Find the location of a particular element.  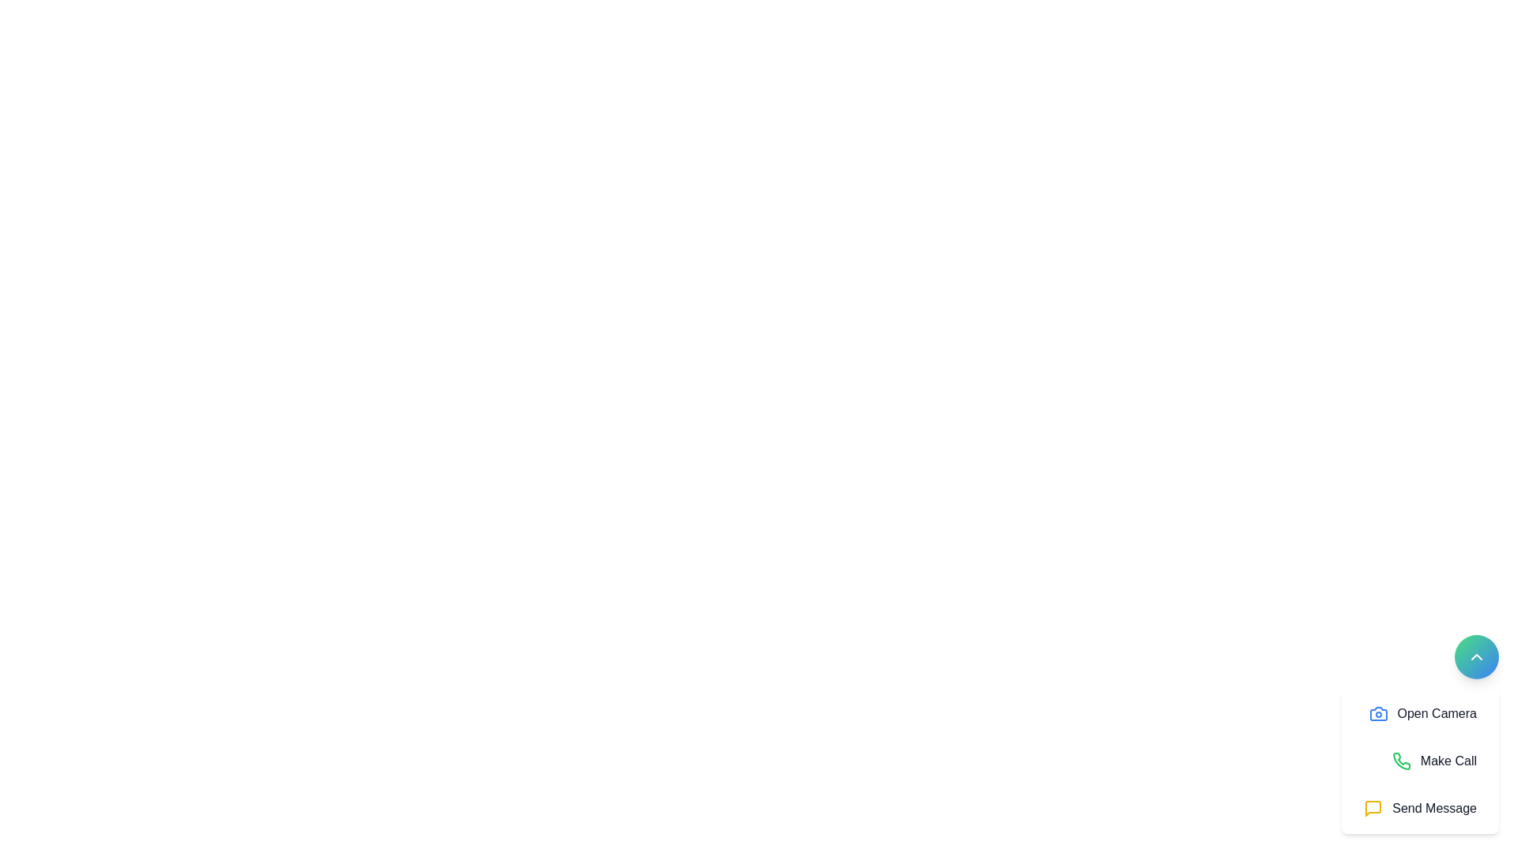

the yellow message bubble icon located on the leftmost part of the 'Send Message' button, preceding the text label is located at coordinates (1373, 808).